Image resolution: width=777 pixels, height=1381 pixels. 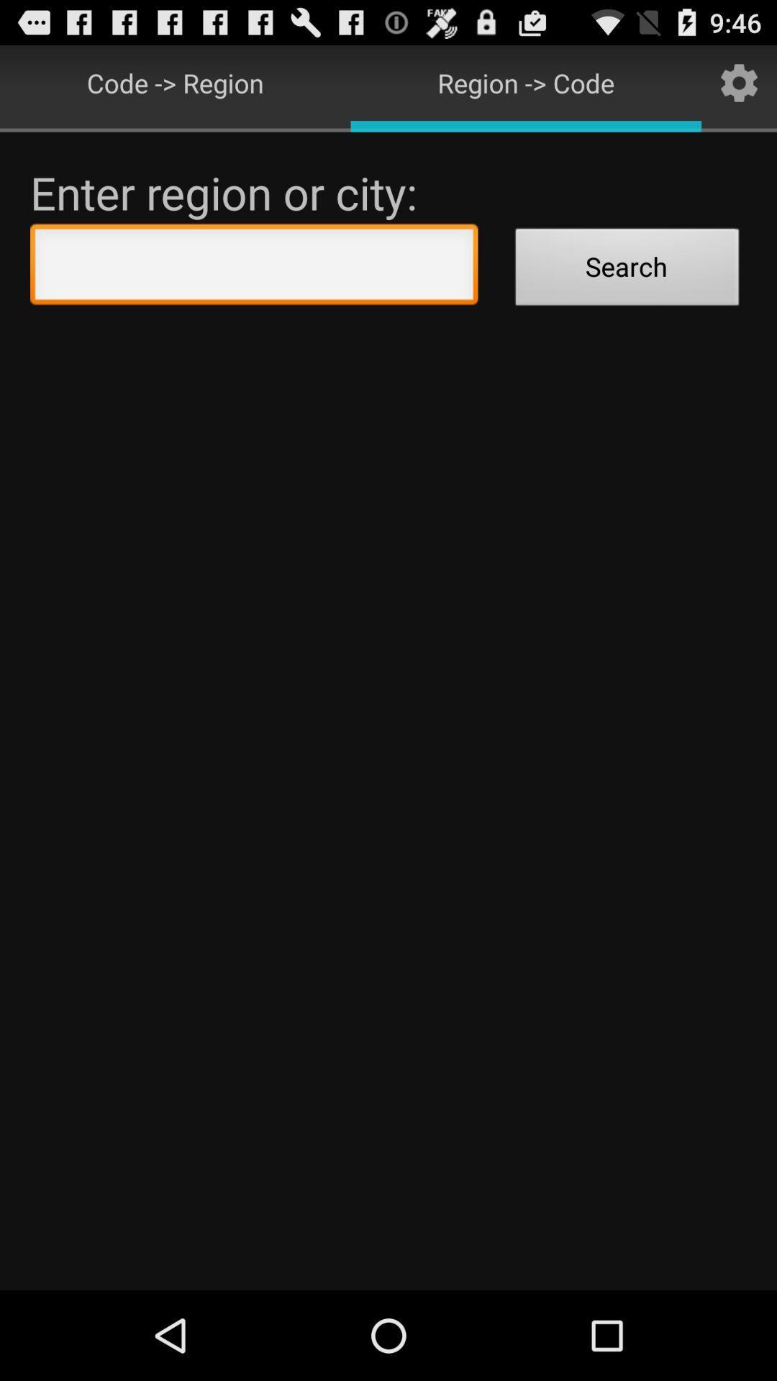 What do you see at coordinates (253, 268) in the screenshot?
I see `the icon to the left of search` at bounding box center [253, 268].